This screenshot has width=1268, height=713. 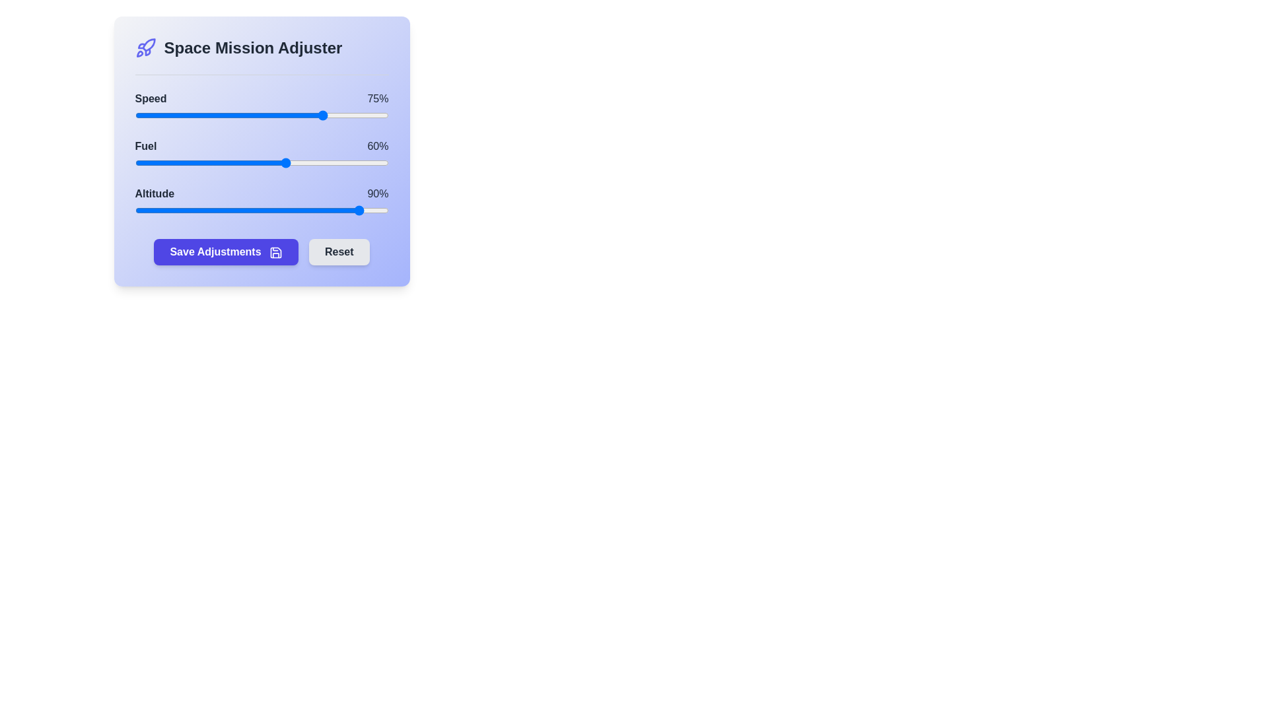 I want to click on the 0 slider to 53%, so click(x=269, y=114).